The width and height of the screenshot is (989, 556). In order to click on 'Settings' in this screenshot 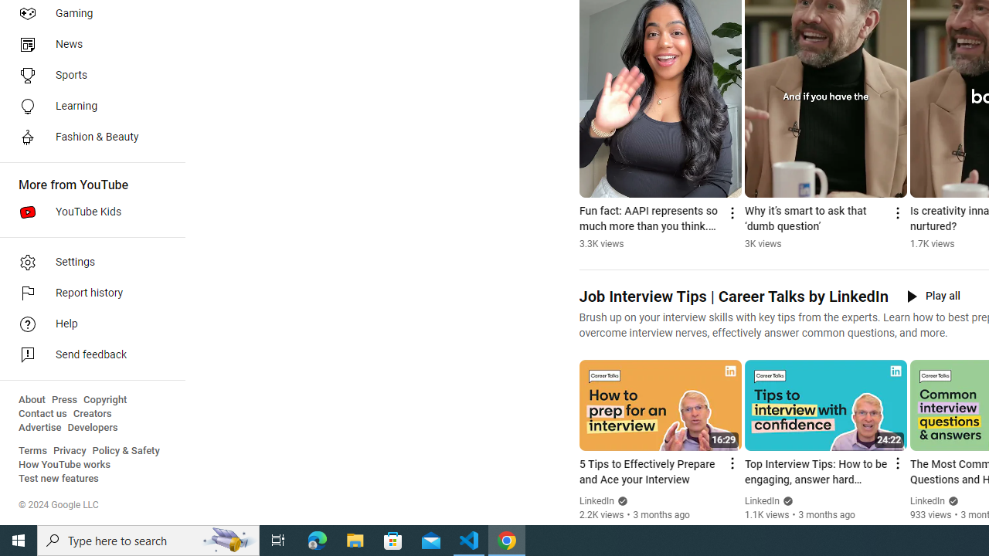, I will do `click(87, 261)`.